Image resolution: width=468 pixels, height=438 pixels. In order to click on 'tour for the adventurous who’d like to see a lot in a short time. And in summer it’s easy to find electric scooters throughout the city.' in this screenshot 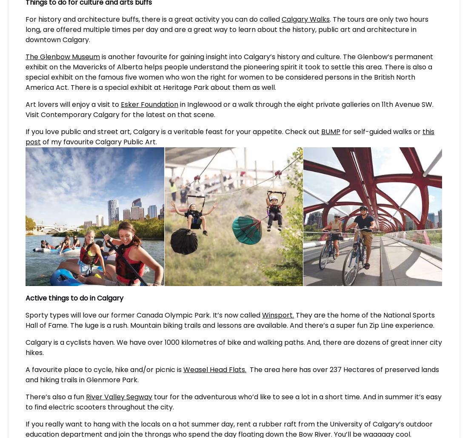, I will do `click(25, 401)`.